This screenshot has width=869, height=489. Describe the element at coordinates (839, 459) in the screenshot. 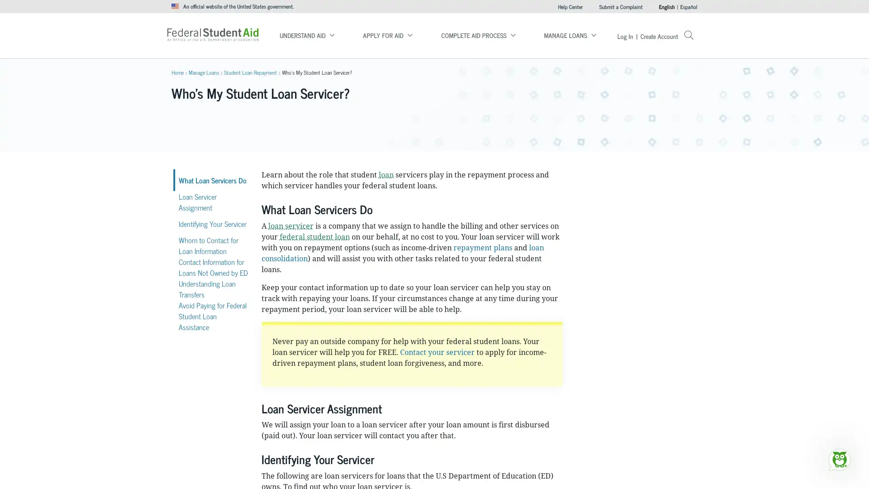

I see `Initiate Chat` at that location.